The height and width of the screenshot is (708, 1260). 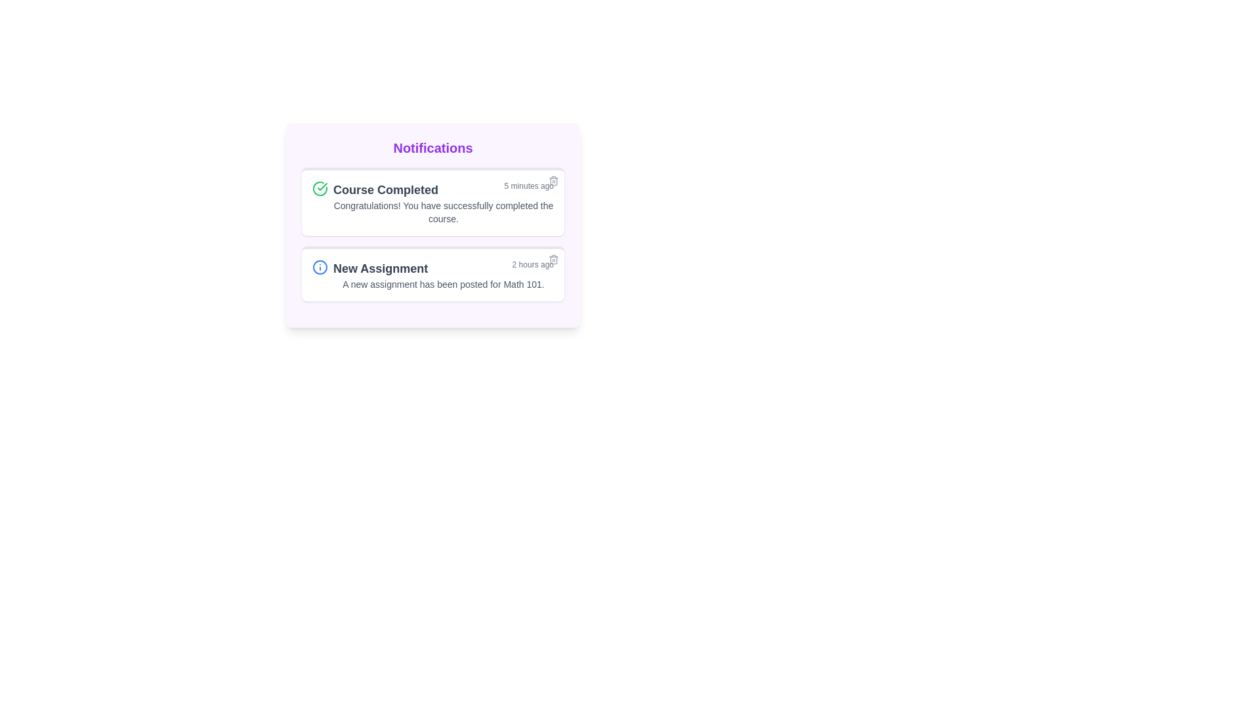 I want to click on the Notification card that presents information about a new assignment posted for a course, which is the second card in the notification list below the 'Course Completed' card, so click(x=433, y=275).